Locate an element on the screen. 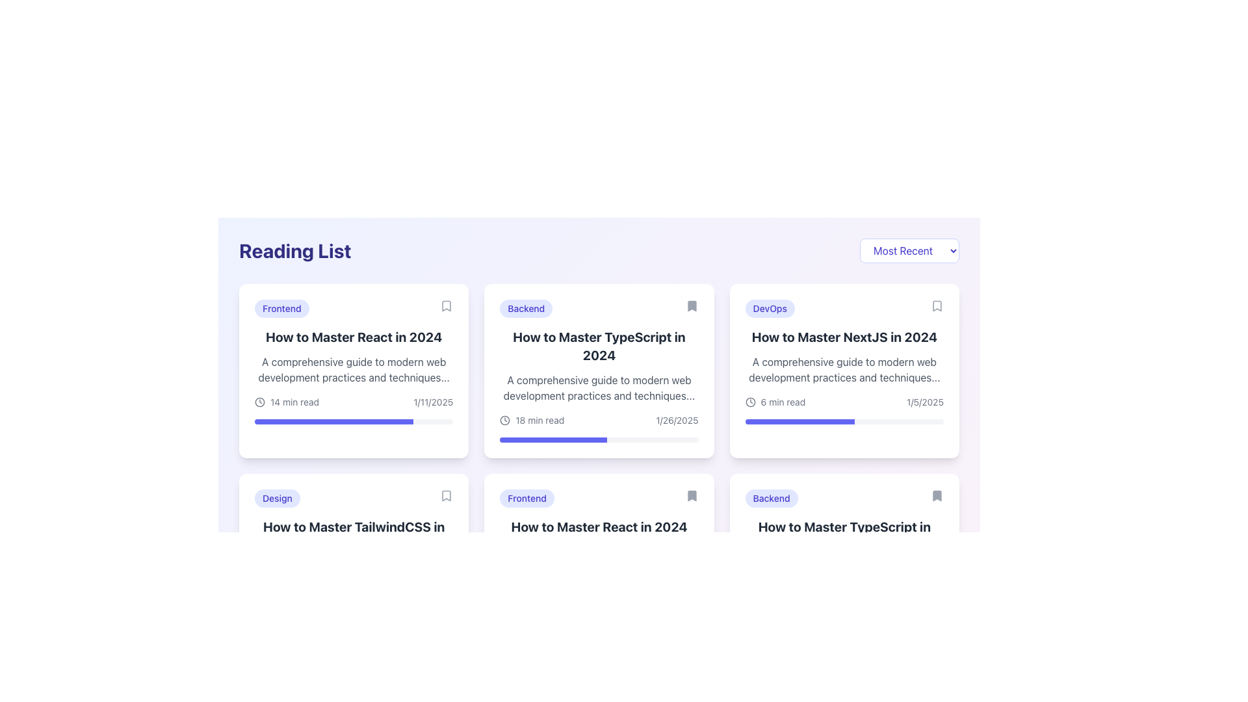 The width and height of the screenshot is (1248, 702). the graphical details of the SVG circle element representing a clock face, located to the right of the 'How to Master React in 2024' card in the 'Reading List' section is located at coordinates (504, 421).